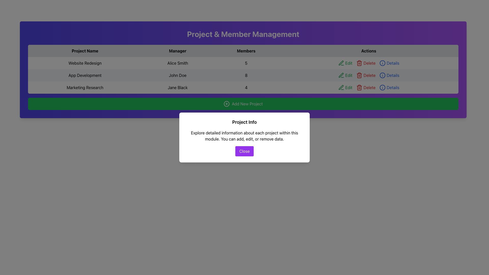  Describe the element at coordinates (243, 51) in the screenshot. I see `the Table Header Cell that labels the number of members for each project in the third column of the table, located in the second row between 'Manager' and 'Actions'` at that location.